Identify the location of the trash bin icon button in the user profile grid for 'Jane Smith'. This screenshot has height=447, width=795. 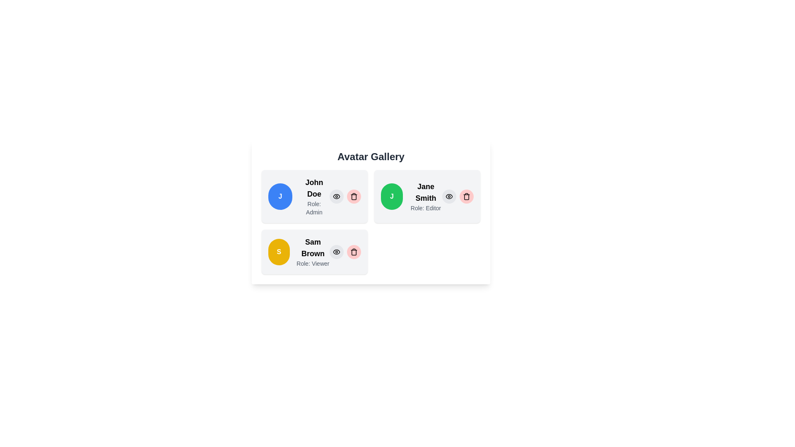
(467, 196).